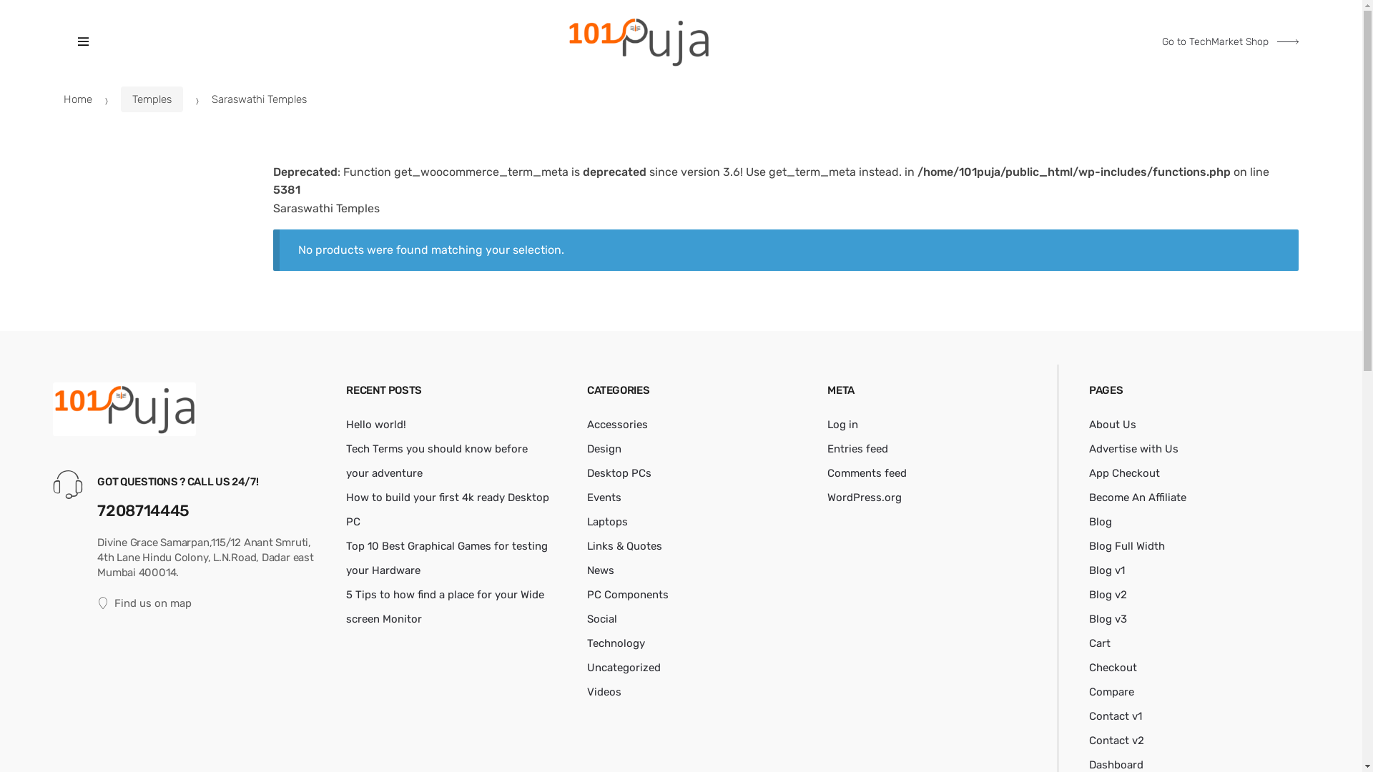  I want to click on 'Top 10 Best Graphical Games for testing your Hardware', so click(446, 557).